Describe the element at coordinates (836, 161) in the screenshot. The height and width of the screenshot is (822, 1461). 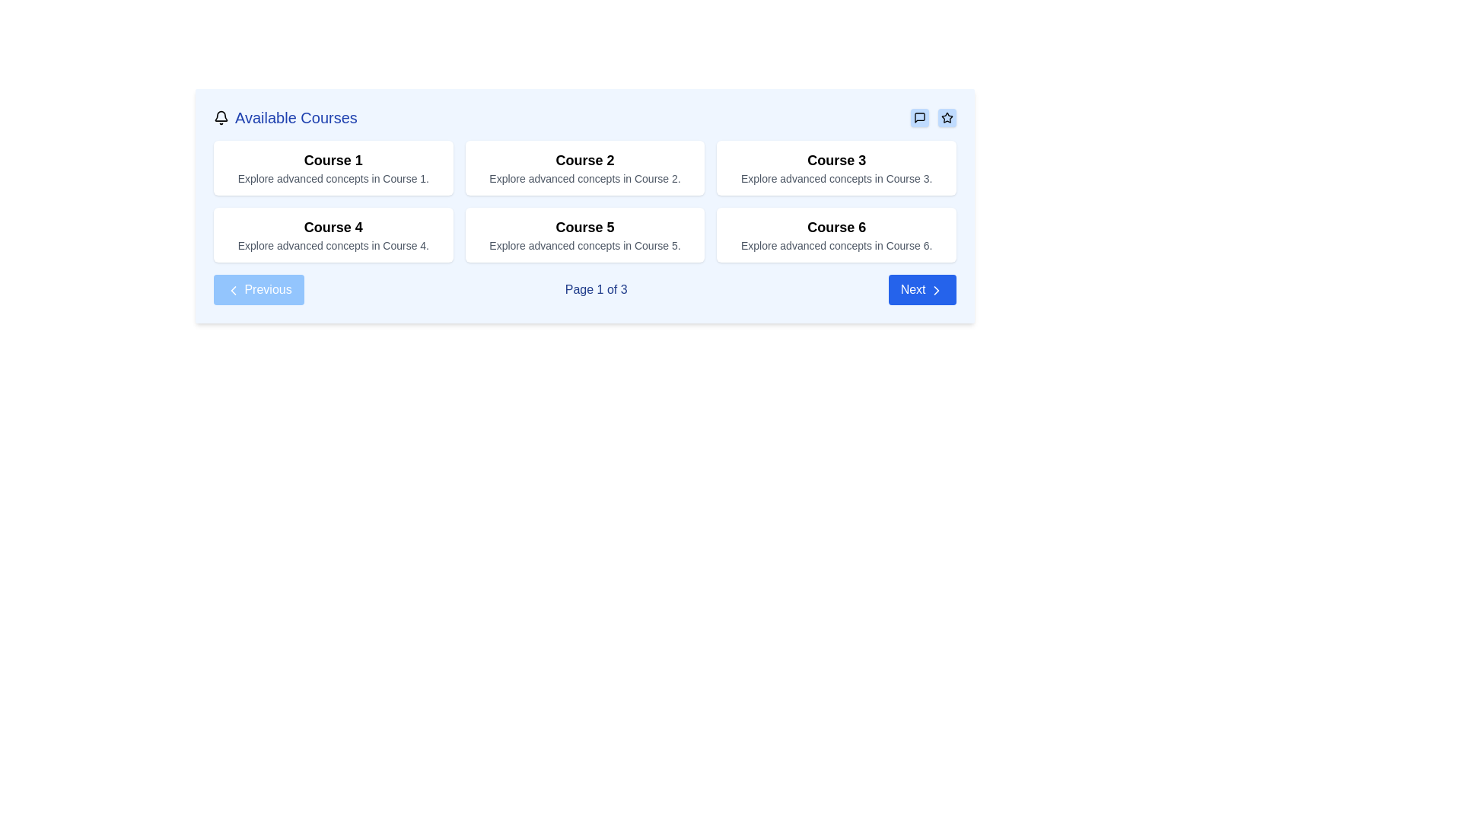
I see `static text label 'Course 3' which is styled with a bold font and larger size, positioned at the top of the third card in the first row of a grid layout` at that location.